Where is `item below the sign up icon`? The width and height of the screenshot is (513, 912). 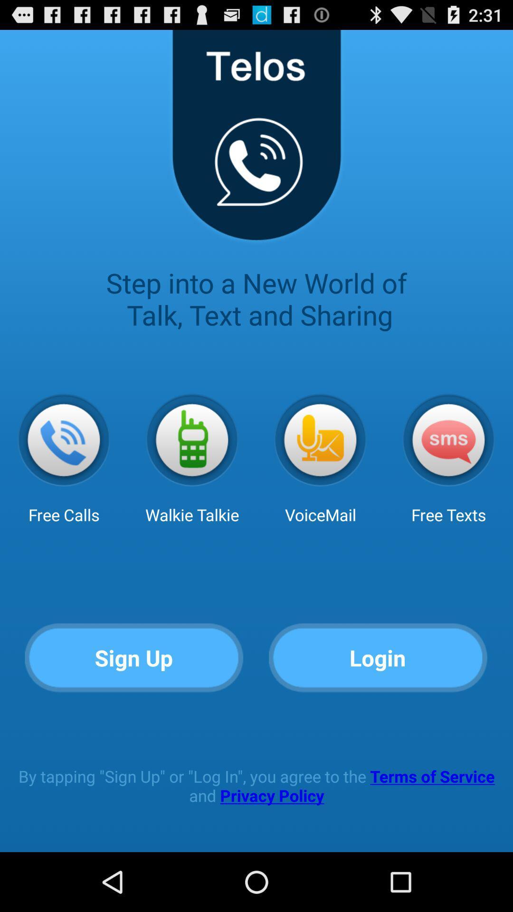
item below the sign up icon is located at coordinates (256, 786).